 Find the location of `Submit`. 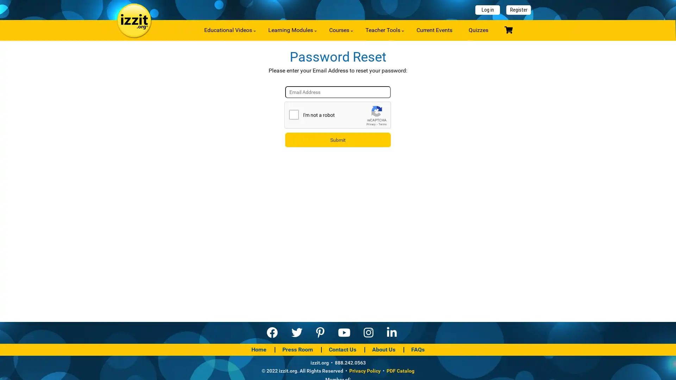

Submit is located at coordinates (338, 140).